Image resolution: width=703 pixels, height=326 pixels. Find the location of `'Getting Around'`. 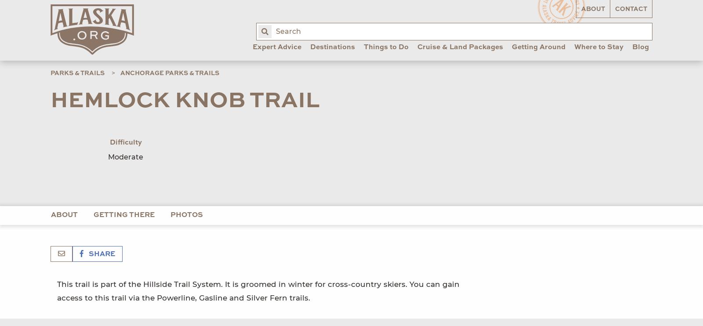

'Getting Around' is located at coordinates (538, 47).